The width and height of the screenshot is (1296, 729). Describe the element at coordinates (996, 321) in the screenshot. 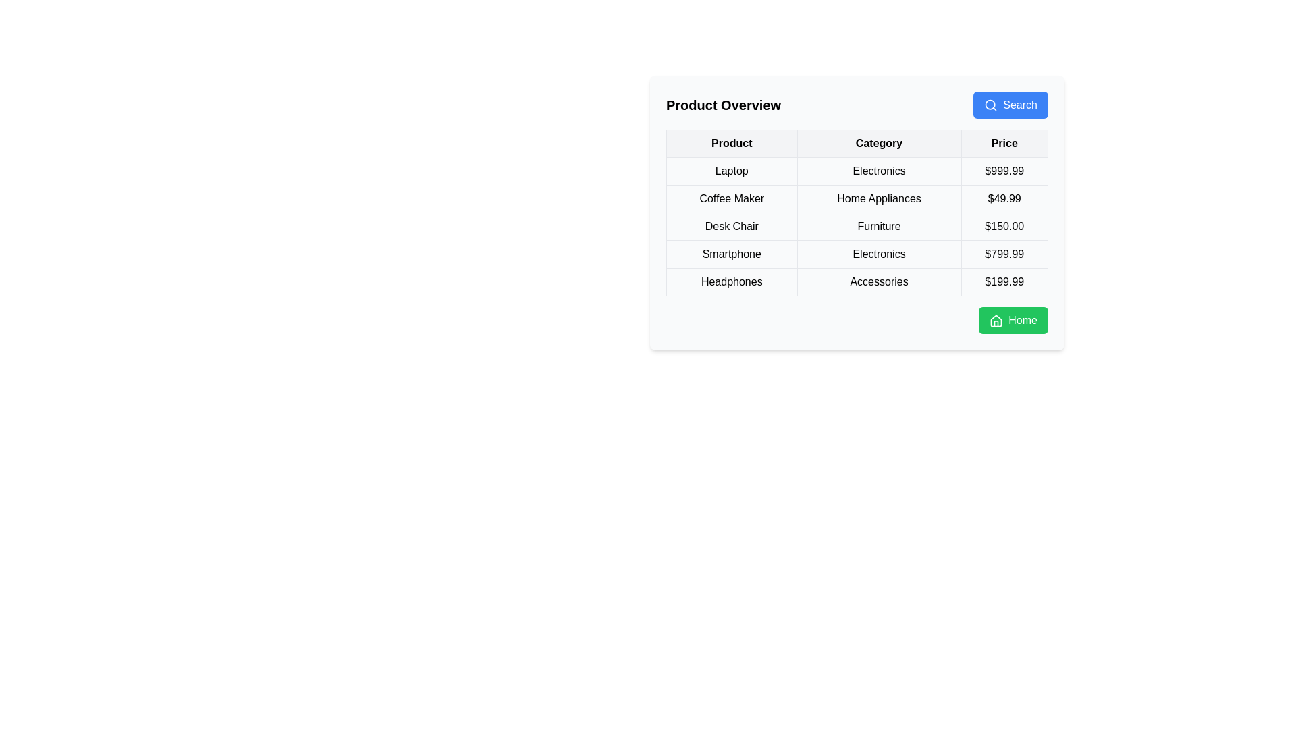

I see `the house icon that is part of the 'Home' button, located at the bottom-right corner of the interface, positioned to the left of the text 'Home'` at that location.